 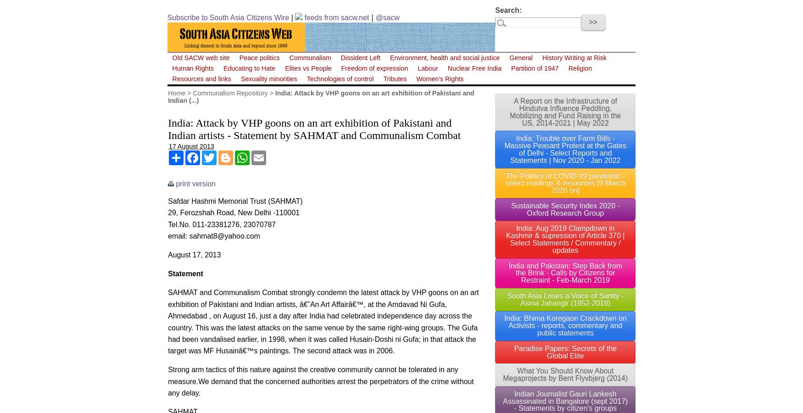 I want to click on 'South Asia Loses a Voice of Sanity - Asma Jahangir (1952-2018)', so click(x=507, y=299).